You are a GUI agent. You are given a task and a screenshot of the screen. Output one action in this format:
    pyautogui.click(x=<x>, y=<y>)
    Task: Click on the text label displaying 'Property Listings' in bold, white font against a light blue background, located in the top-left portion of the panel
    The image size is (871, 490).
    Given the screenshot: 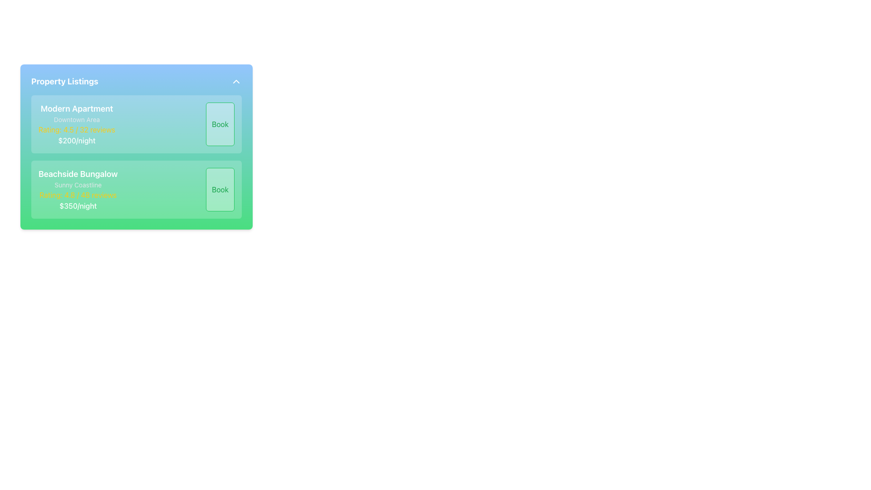 What is the action you would take?
    pyautogui.click(x=64, y=82)
    